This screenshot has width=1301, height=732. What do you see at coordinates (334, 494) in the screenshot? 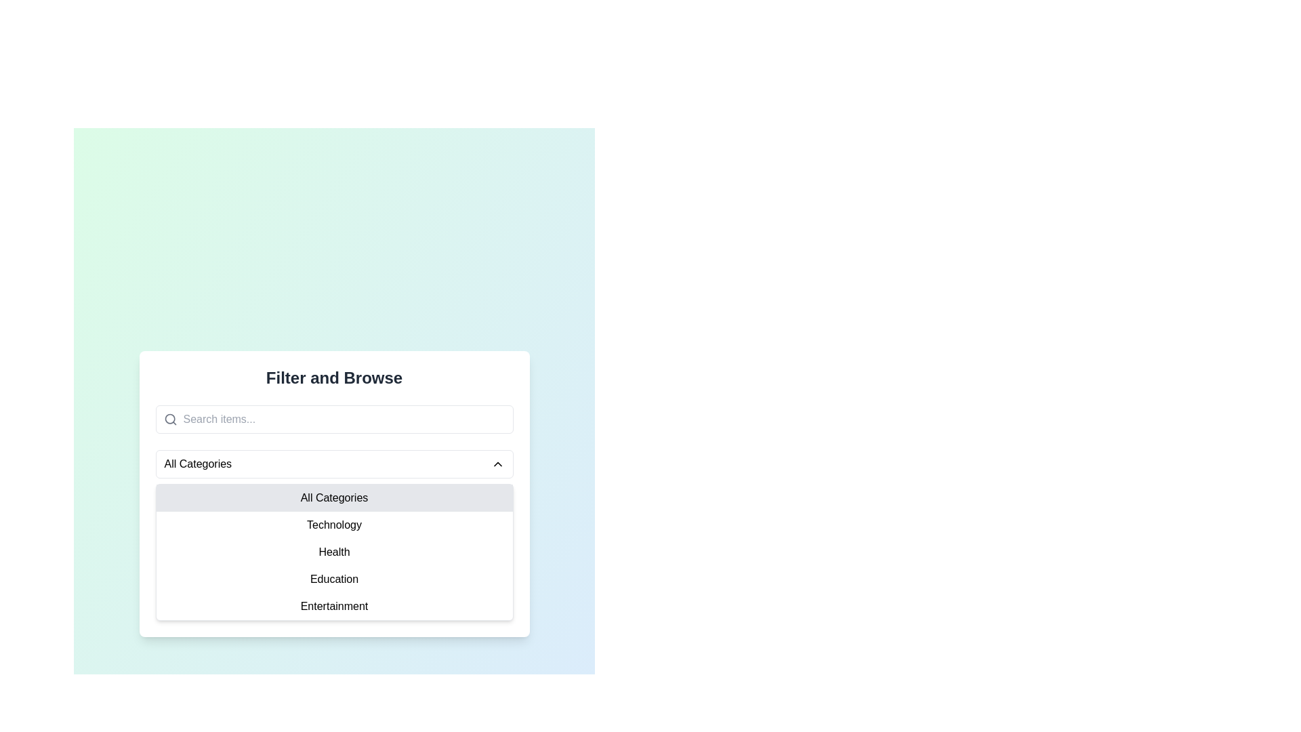
I see `the first option in the dropdown menu below the 'All Categories' selector button` at bounding box center [334, 494].